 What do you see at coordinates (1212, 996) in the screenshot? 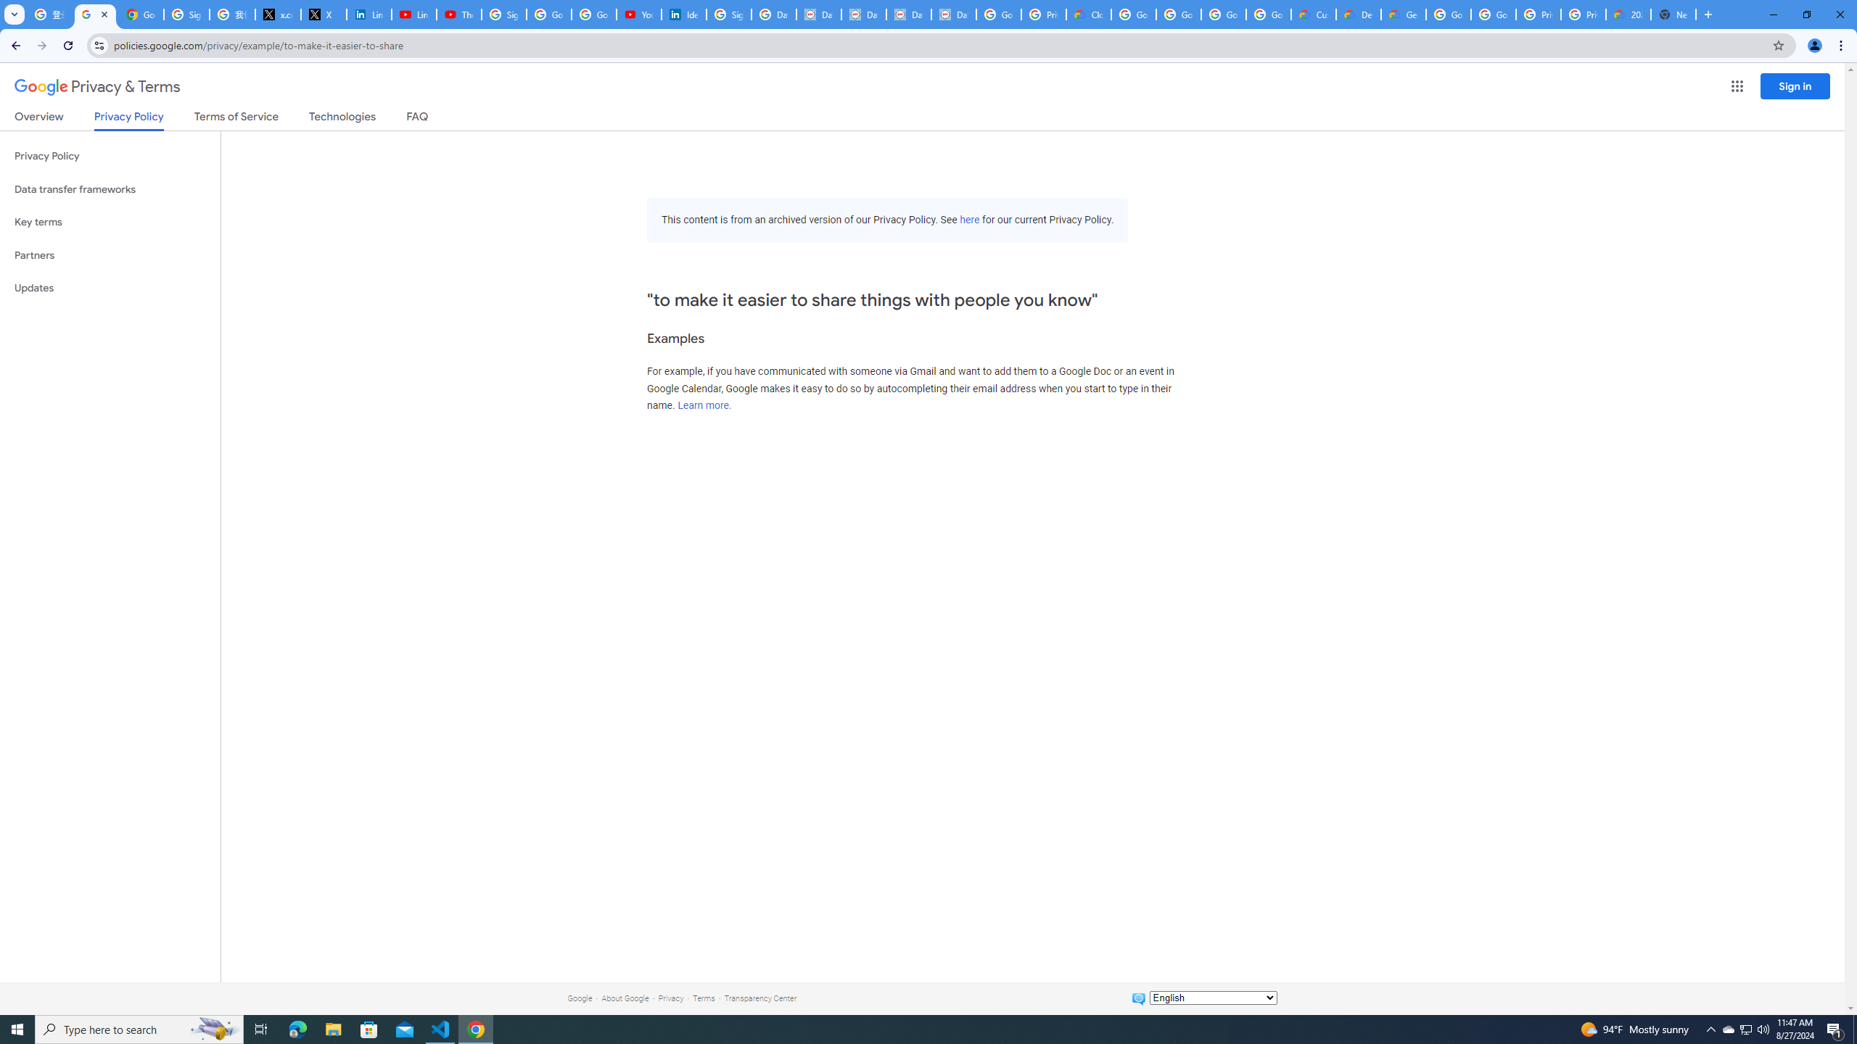
I see `'Change language:'` at bounding box center [1212, 996].